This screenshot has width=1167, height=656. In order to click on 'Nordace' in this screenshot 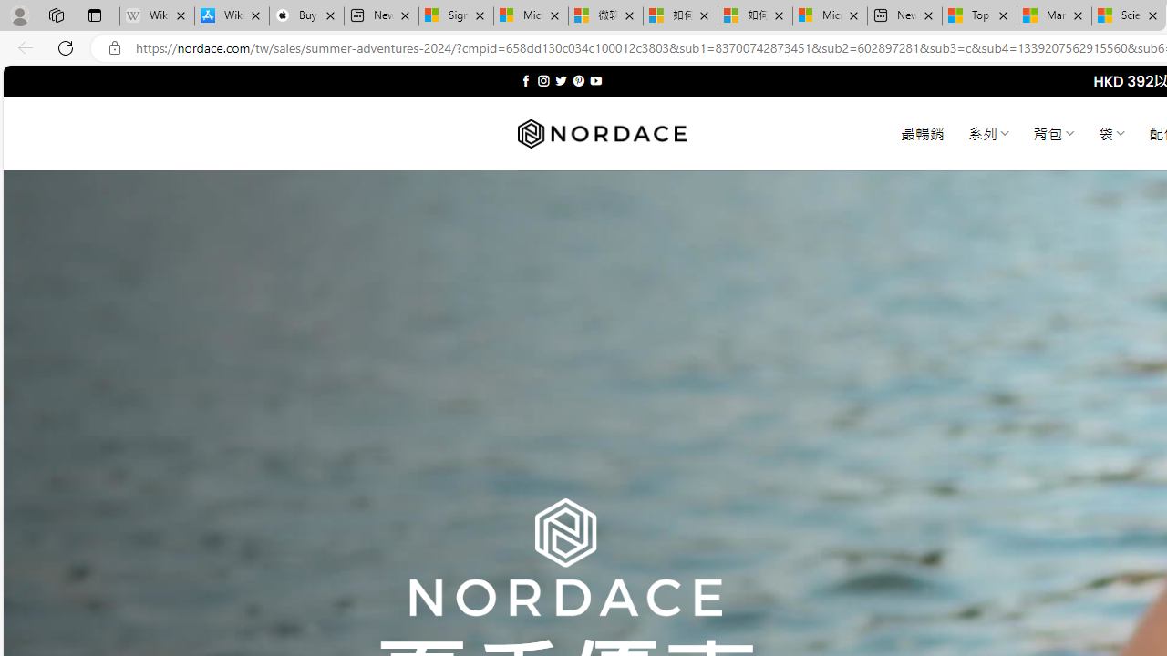, I will do `click(601, 133)`.